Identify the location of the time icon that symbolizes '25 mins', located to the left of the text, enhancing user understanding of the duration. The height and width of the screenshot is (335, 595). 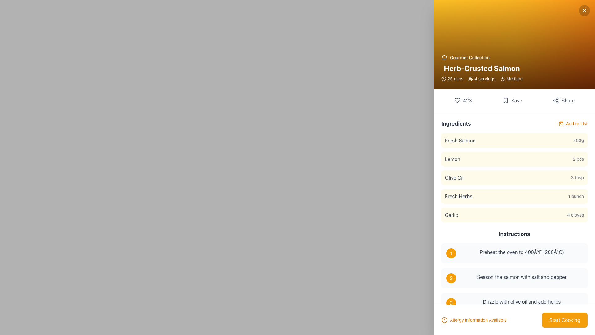
(443, 78).